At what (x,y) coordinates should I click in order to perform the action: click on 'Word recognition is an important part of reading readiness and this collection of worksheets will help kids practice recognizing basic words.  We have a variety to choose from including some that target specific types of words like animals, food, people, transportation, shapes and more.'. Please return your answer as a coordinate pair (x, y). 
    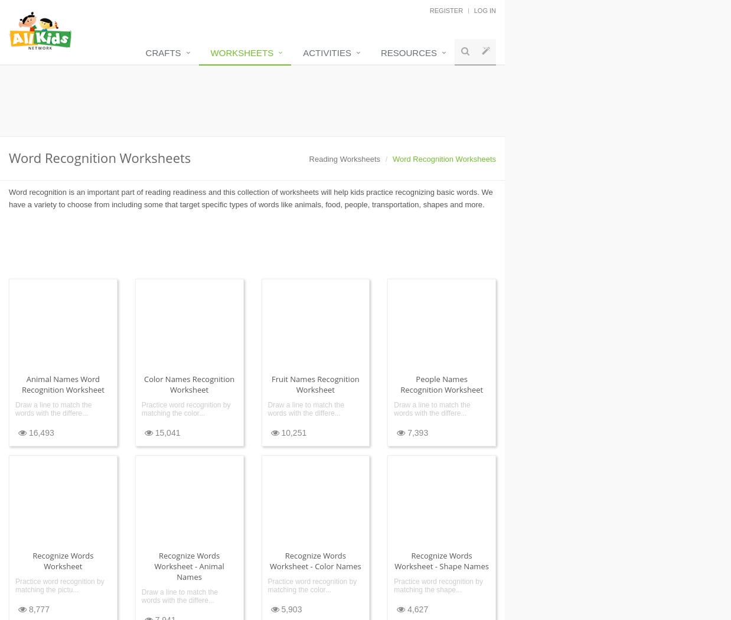
    Looking at the image, I should click on (250, 197).